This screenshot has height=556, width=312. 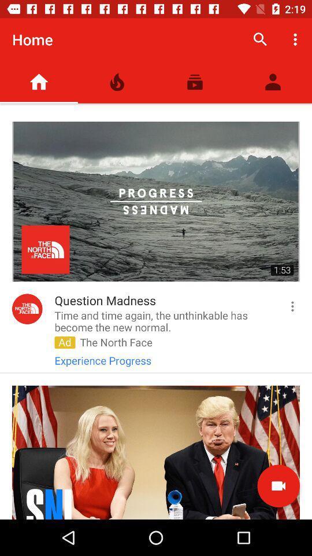 What do you see at coordinates (278, 486) in the screenshot?
I see `the videocam icon` at bounding box center [278, 486].